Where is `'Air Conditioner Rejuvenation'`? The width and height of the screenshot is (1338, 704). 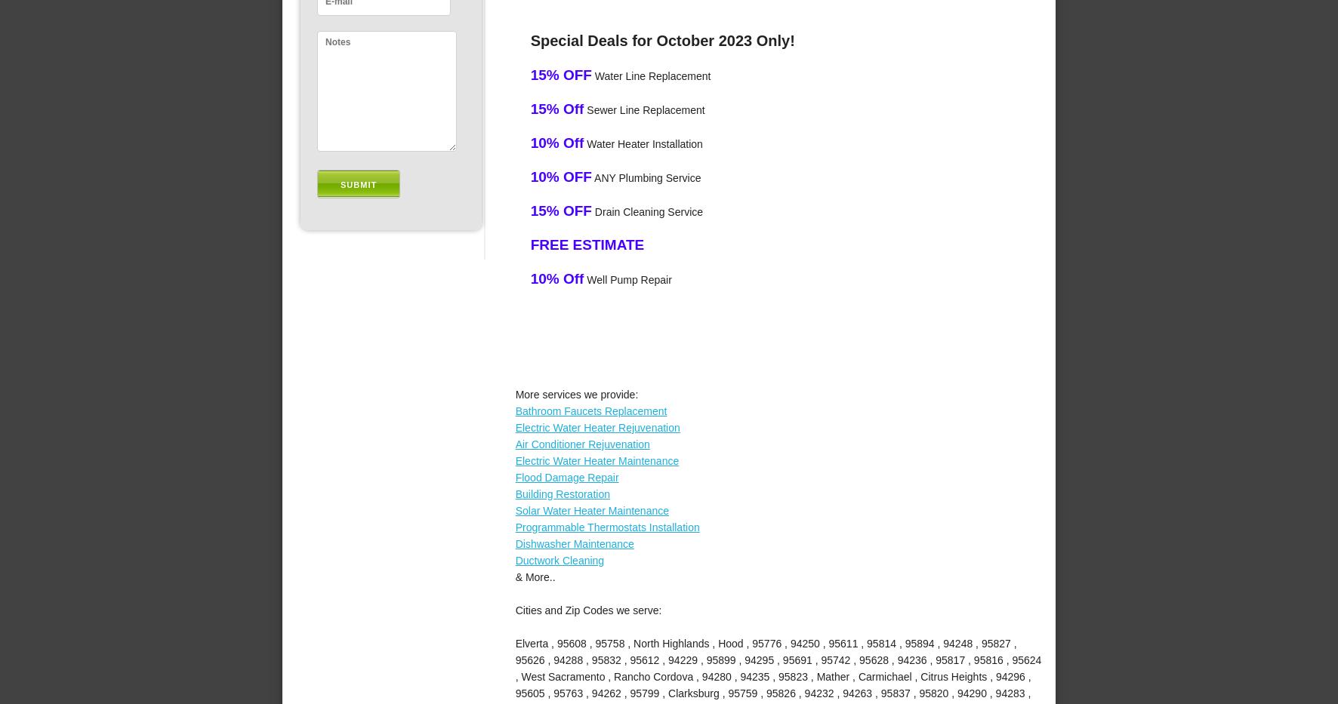
'Air Conditioner Rejuvenation' is located at coordinates (581, 443).